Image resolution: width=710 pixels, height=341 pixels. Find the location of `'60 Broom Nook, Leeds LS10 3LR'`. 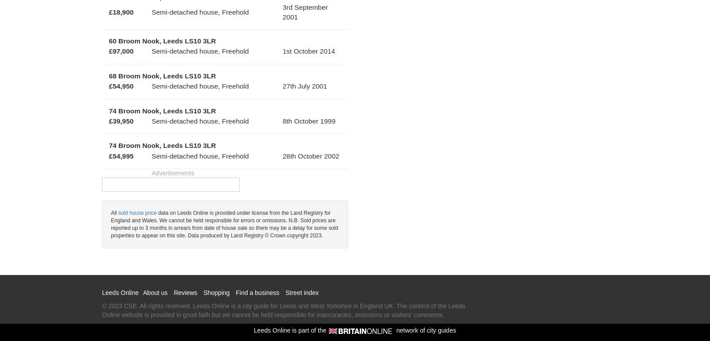

'60 Broom Nook, Leeds LS10 3LR' is located at coordinates (162, 40).